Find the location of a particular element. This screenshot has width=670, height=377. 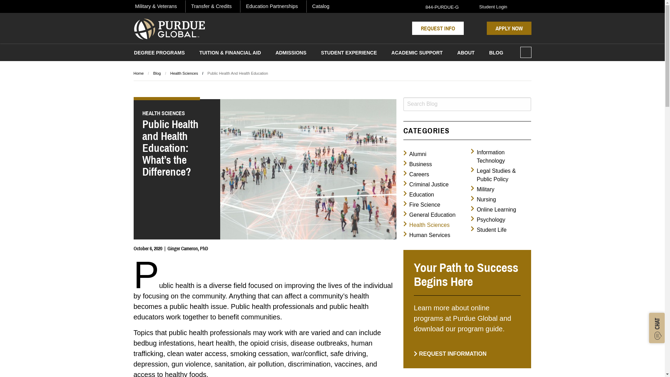

'Education' is located at coordinates (419, 195).